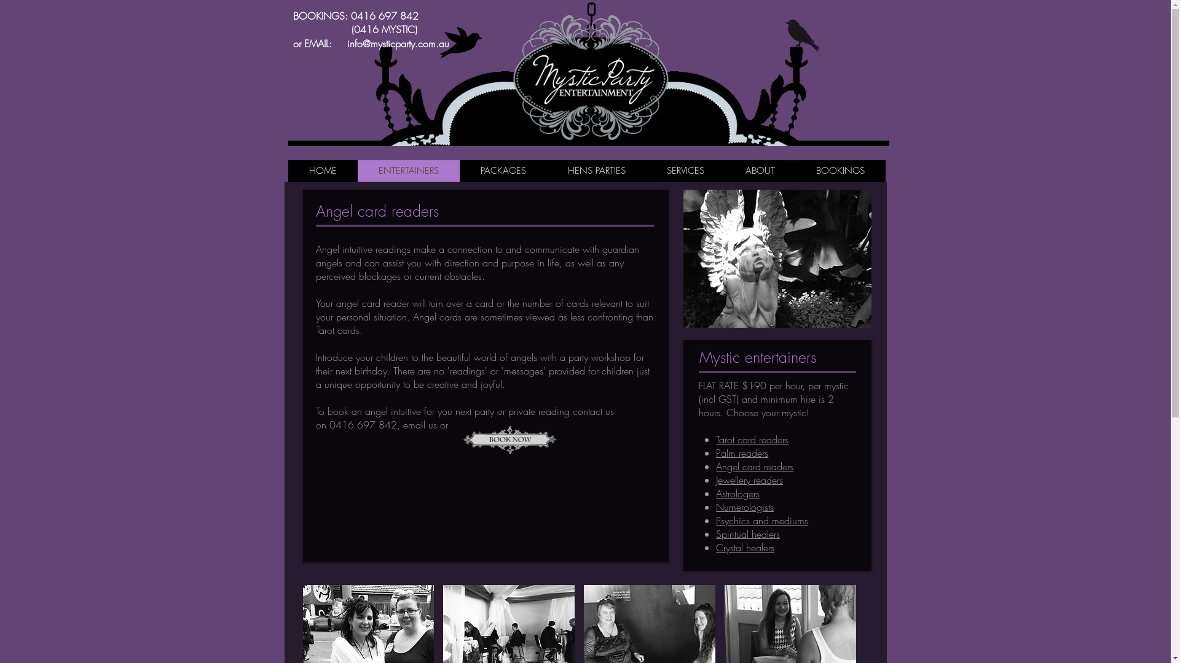 The width and height of the screenshot is (1180, 663). I want to click on 'SERVICES', so click(685, 171).